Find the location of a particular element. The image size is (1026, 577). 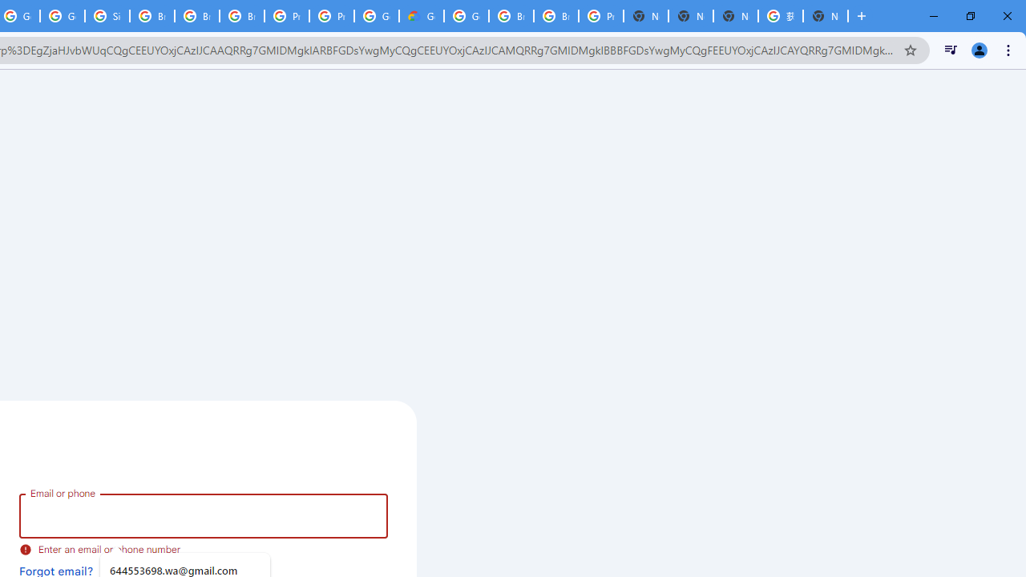

'Browse Chrome as a guest - Computer - Google Chrome Help' is located at coordinates (511, 16).